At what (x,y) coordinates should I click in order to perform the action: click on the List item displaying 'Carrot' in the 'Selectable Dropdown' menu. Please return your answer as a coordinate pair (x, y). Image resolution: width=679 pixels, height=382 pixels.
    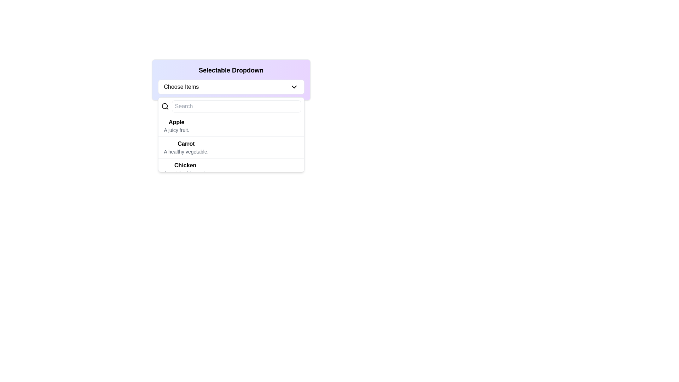
    Looking at the image, I should click on (231, 147).